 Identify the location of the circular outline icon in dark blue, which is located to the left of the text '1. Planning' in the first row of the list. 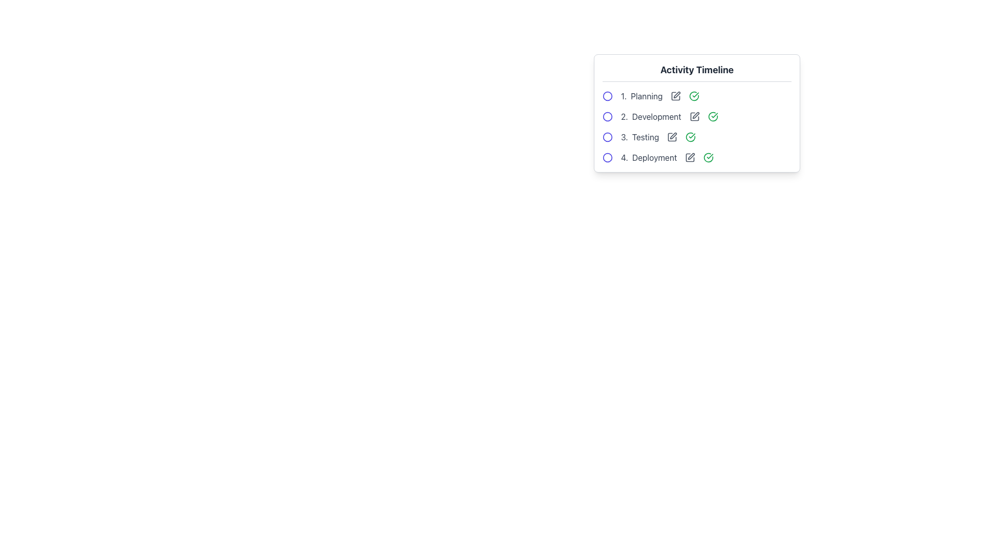
(607, 96).